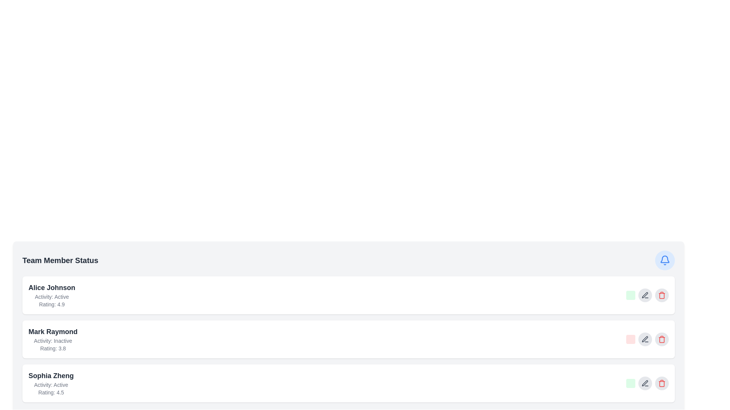 This screenshot has width=730, height=410. Describe the element at coordinates (52, 339) in the screenshot. I see `the informational card displaying the name 'Mark Raymond' with activity status 'Inactive' and rating '3.8' in the 'Team Member Status' list` at that location.